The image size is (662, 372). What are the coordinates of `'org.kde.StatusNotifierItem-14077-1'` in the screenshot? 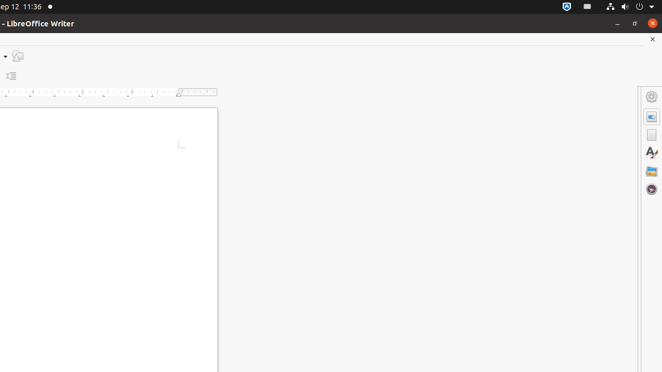 It's located at (588, 7).